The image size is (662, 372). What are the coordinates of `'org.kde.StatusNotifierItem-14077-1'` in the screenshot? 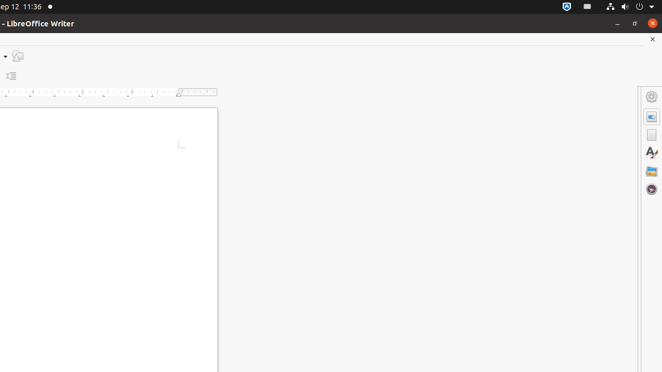 It's located at (588, 7).